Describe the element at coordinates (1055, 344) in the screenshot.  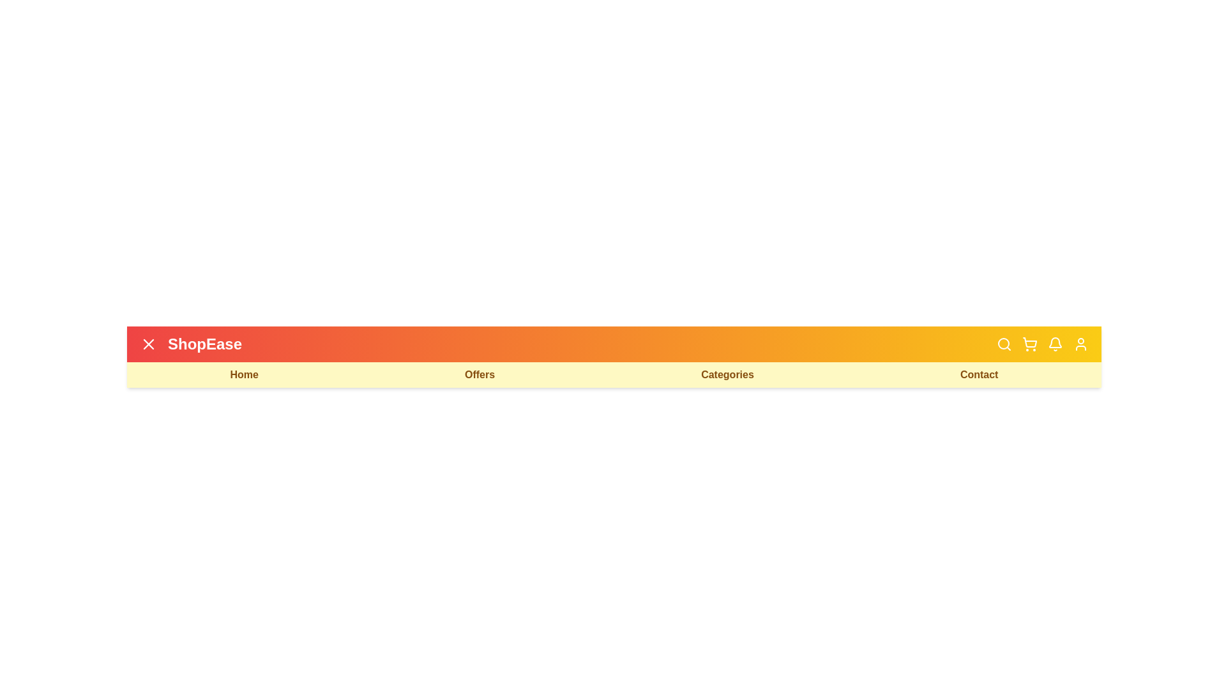
I see `the notification bell icon to view notifications` at that location.